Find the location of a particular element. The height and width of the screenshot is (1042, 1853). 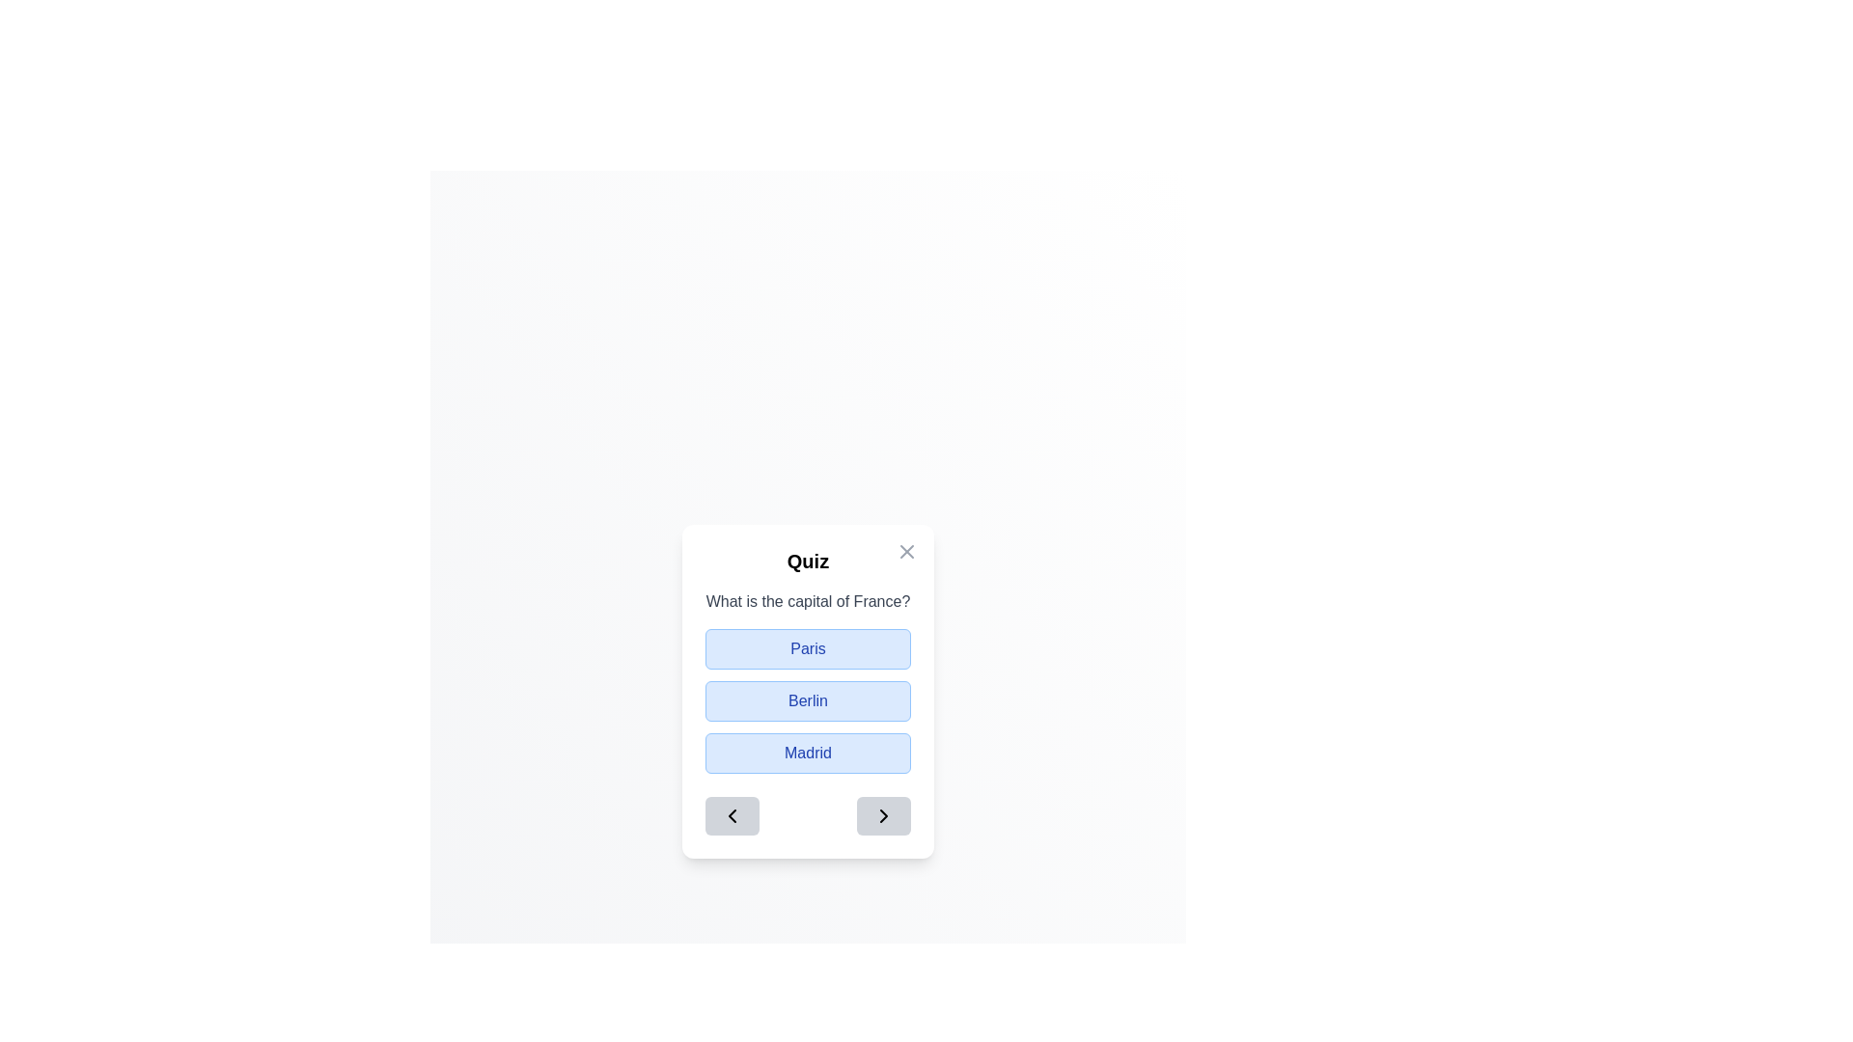

the static text content that presents the quiz question, located at the top of the content block in the interface is located at coordinates (808, 601).